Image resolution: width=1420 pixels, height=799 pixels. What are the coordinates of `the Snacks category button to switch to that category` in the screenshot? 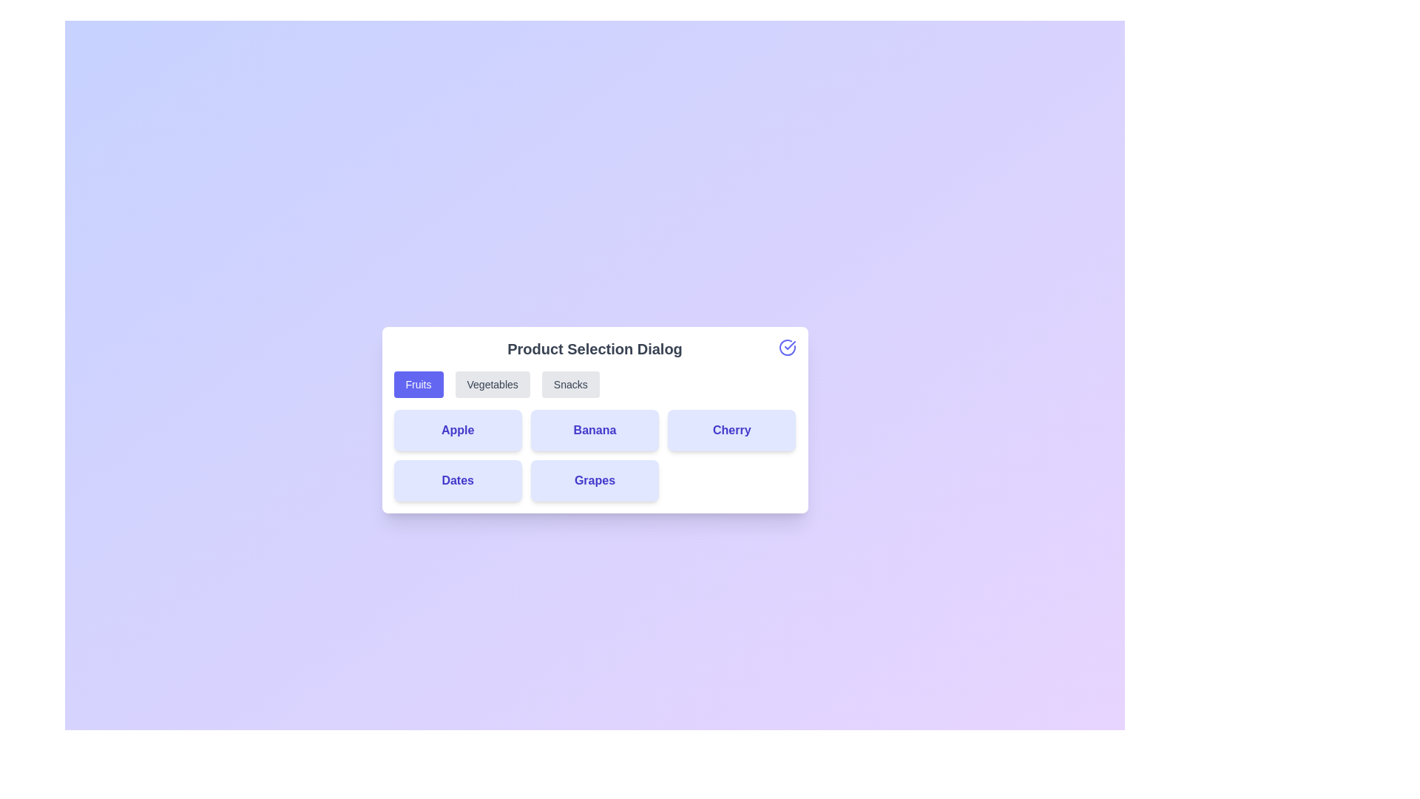 It's located at (569, 384).